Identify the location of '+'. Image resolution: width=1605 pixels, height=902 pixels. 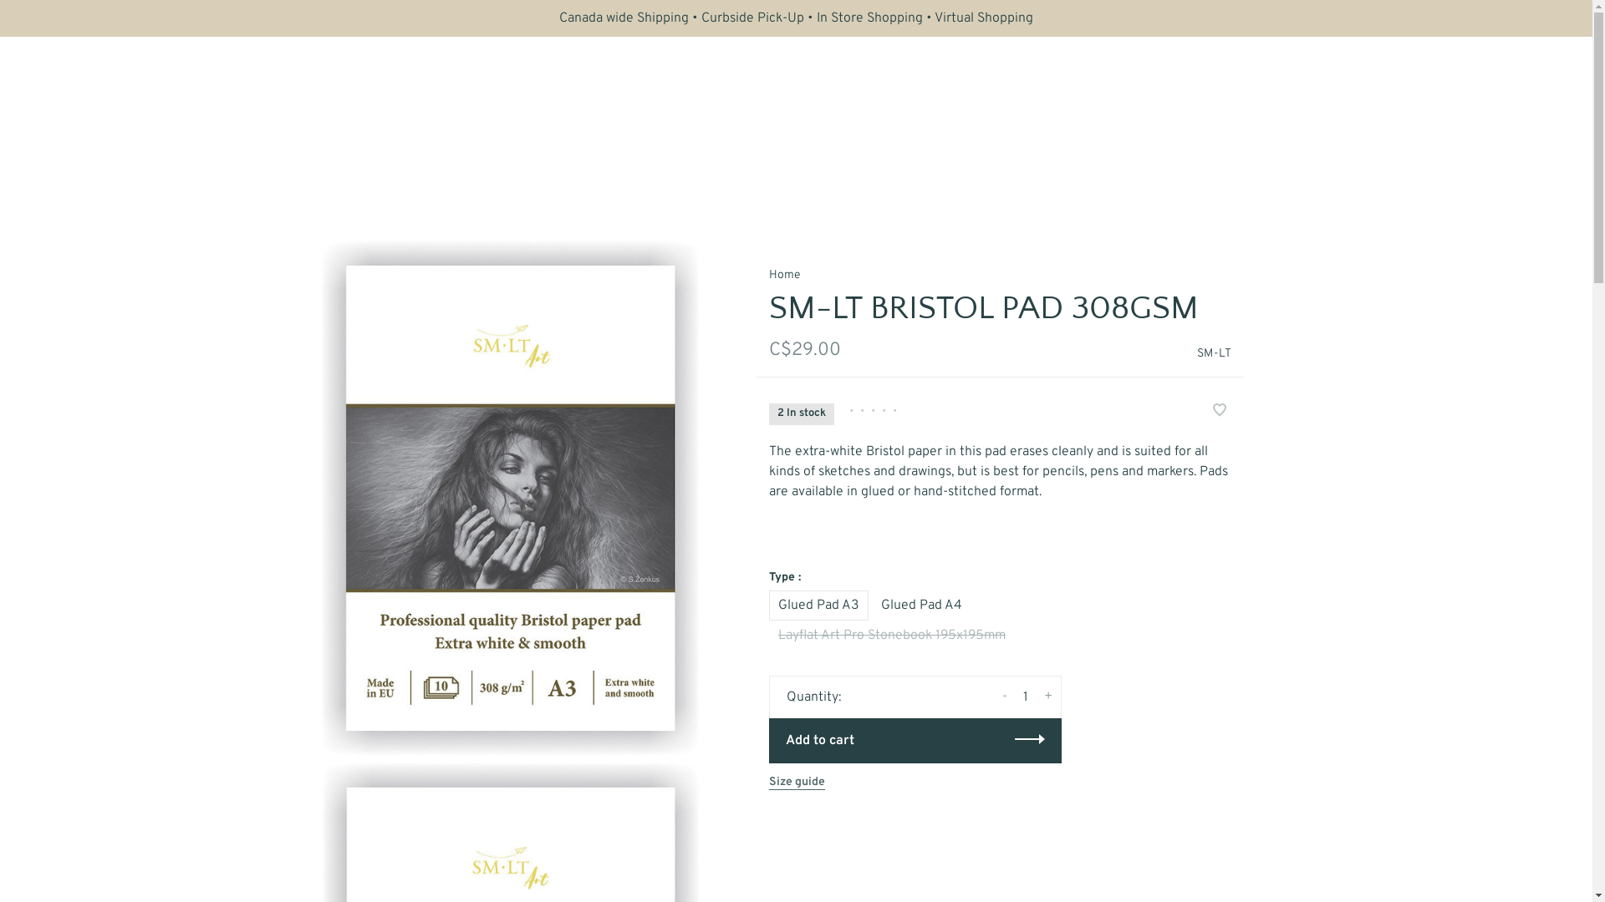
(1034, 696).